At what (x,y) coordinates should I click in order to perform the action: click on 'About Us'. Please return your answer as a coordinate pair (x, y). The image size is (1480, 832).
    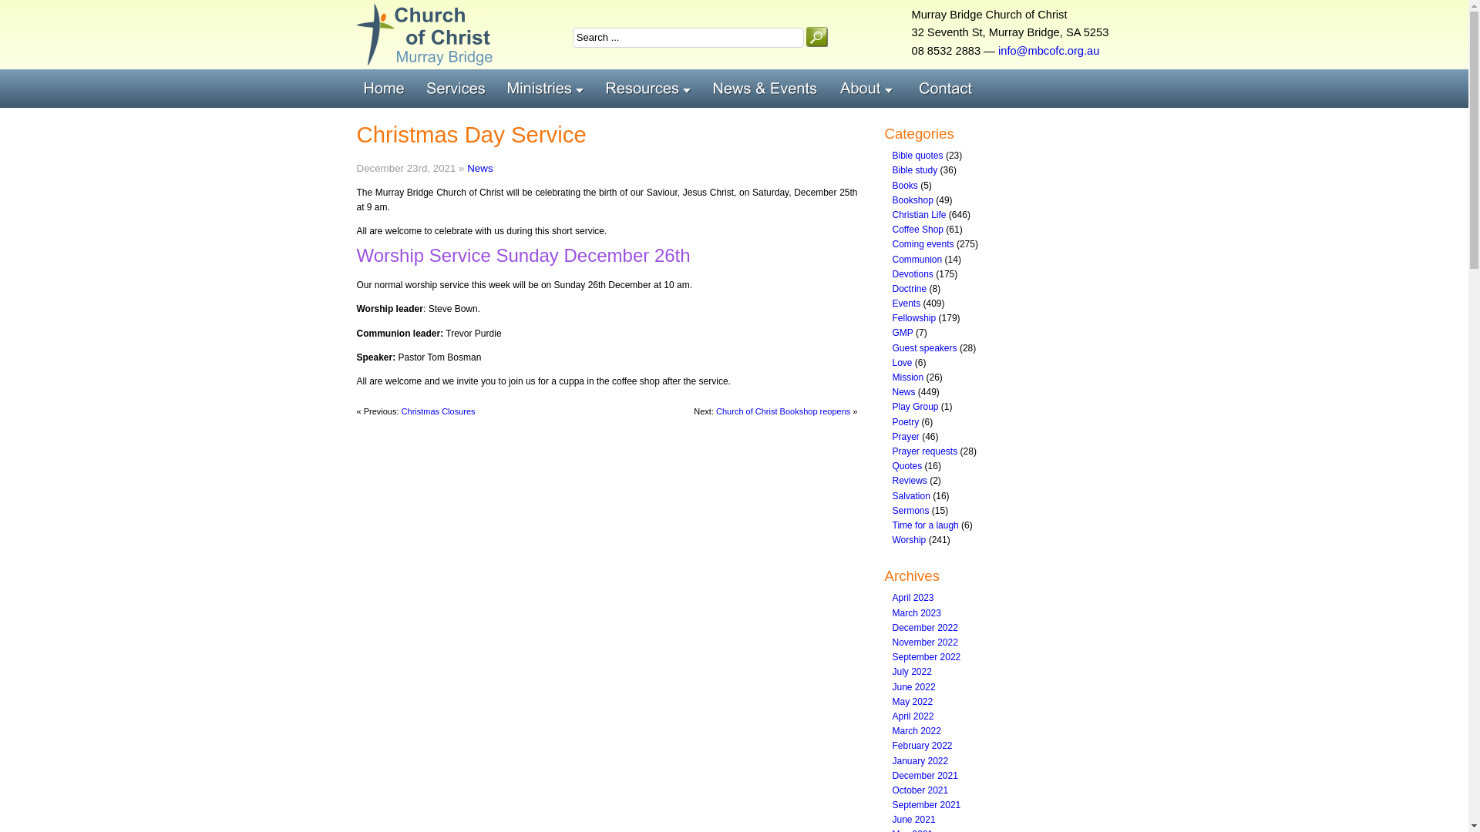
    Looking at the image, I should click on (872, 89).